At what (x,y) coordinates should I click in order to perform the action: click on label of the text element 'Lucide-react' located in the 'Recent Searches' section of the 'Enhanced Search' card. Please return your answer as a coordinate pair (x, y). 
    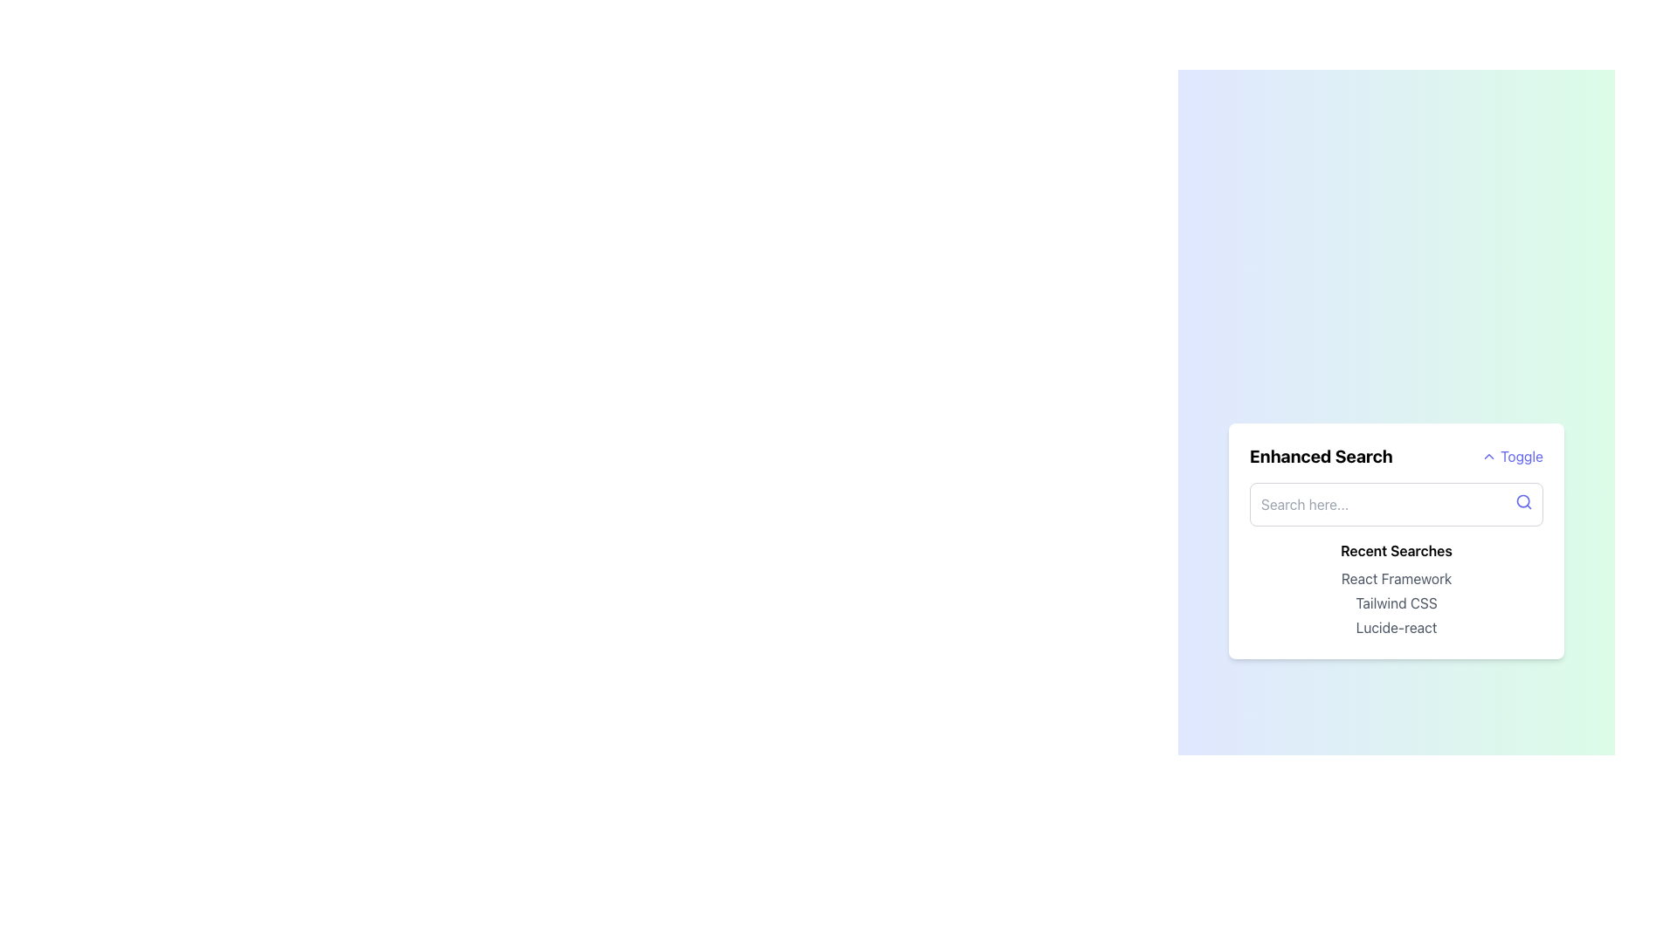
    Looking at the image, I should click on (1395, 626).